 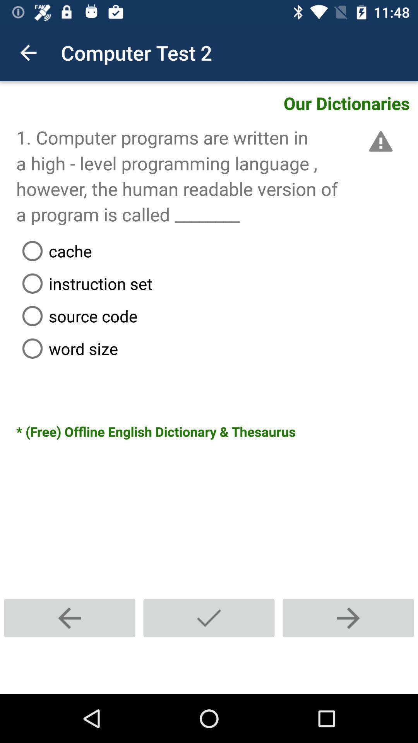 I want to click on cache, so click(x=217, y=251).